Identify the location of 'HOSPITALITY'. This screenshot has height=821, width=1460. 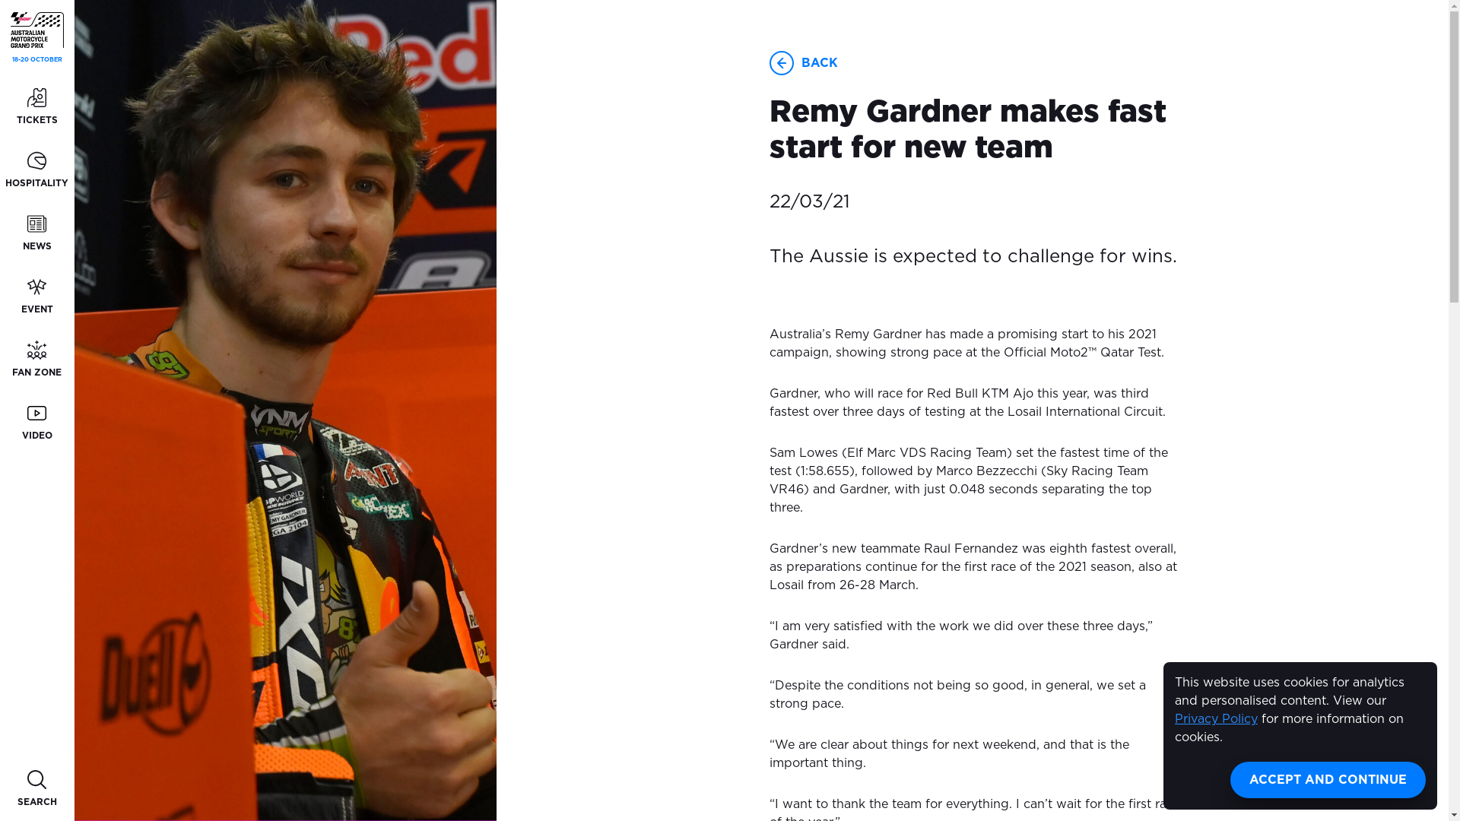
(36, 170).